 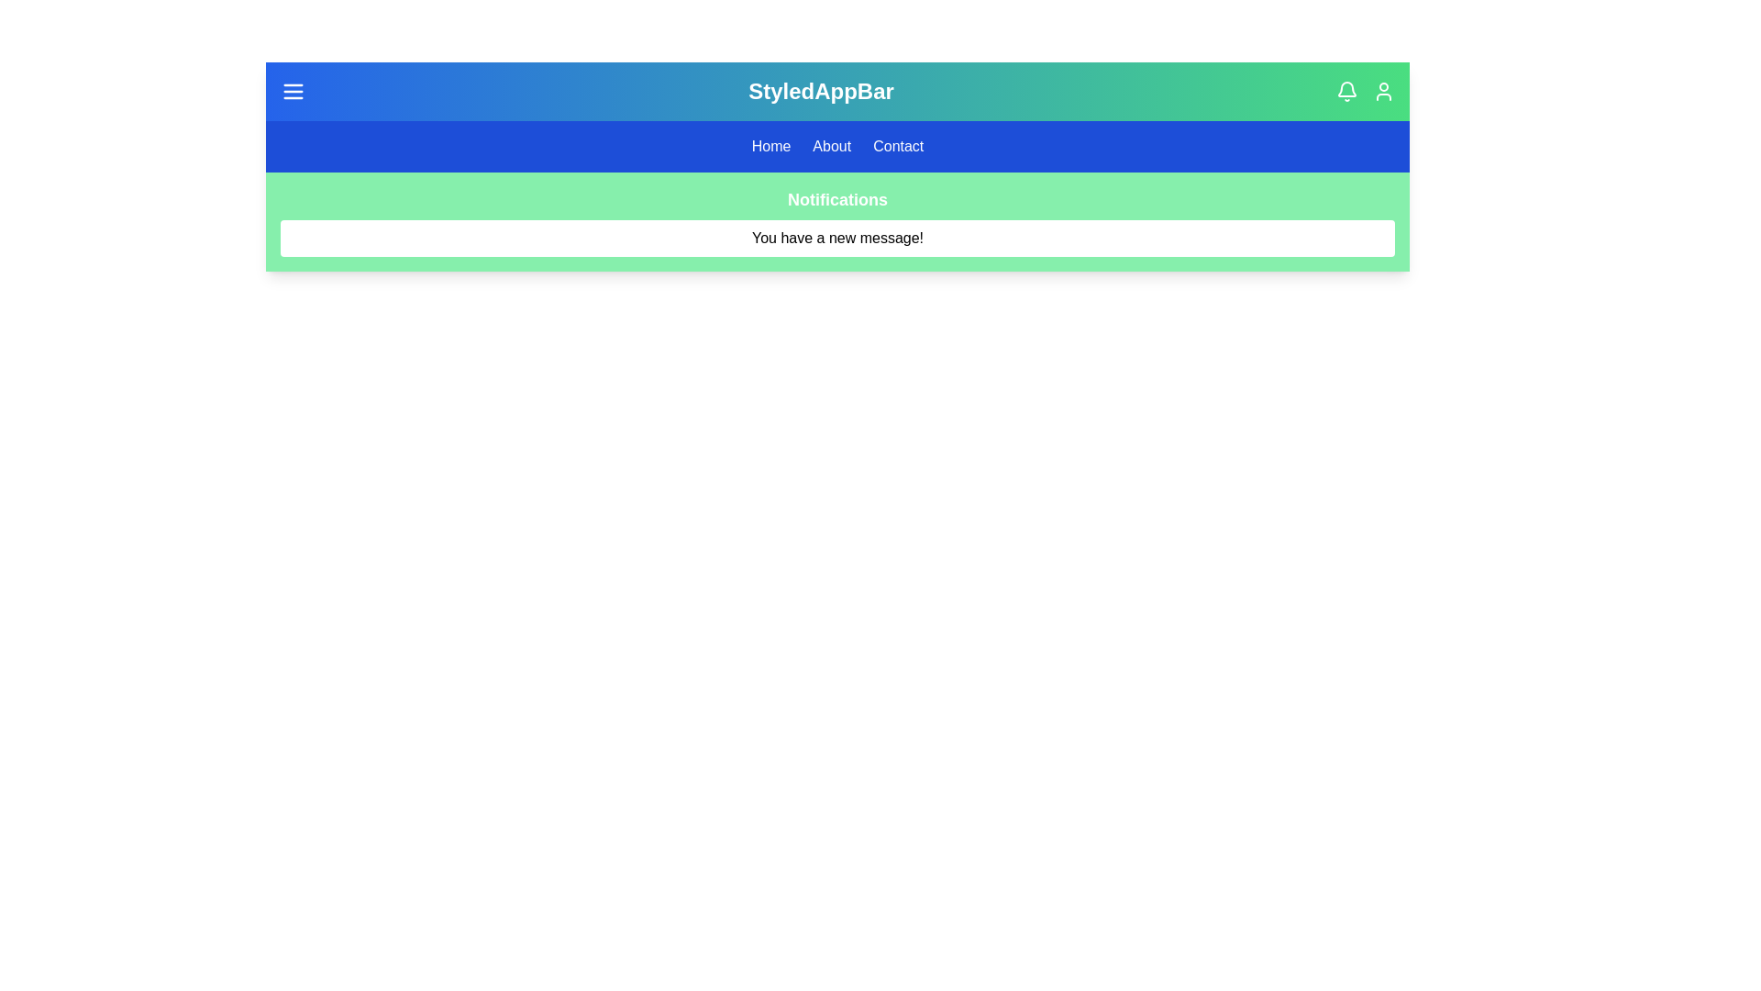 I want to click on the hamburger menu button located at the top-left corner of the application bar, so click(x=293, y=92).